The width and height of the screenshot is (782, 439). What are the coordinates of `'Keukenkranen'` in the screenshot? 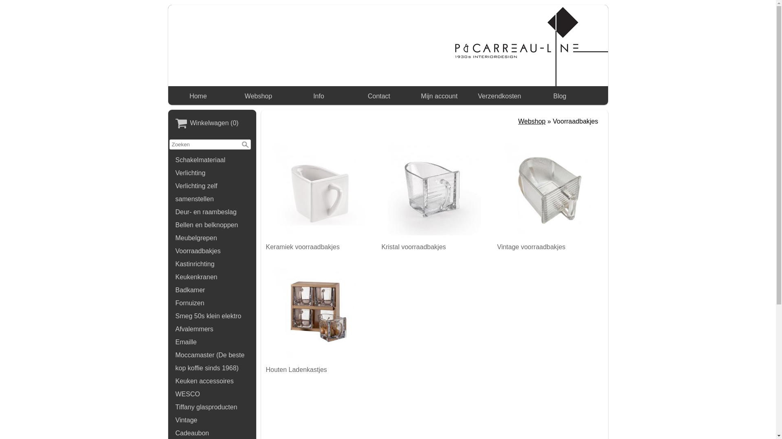 It's located at (169, 277).